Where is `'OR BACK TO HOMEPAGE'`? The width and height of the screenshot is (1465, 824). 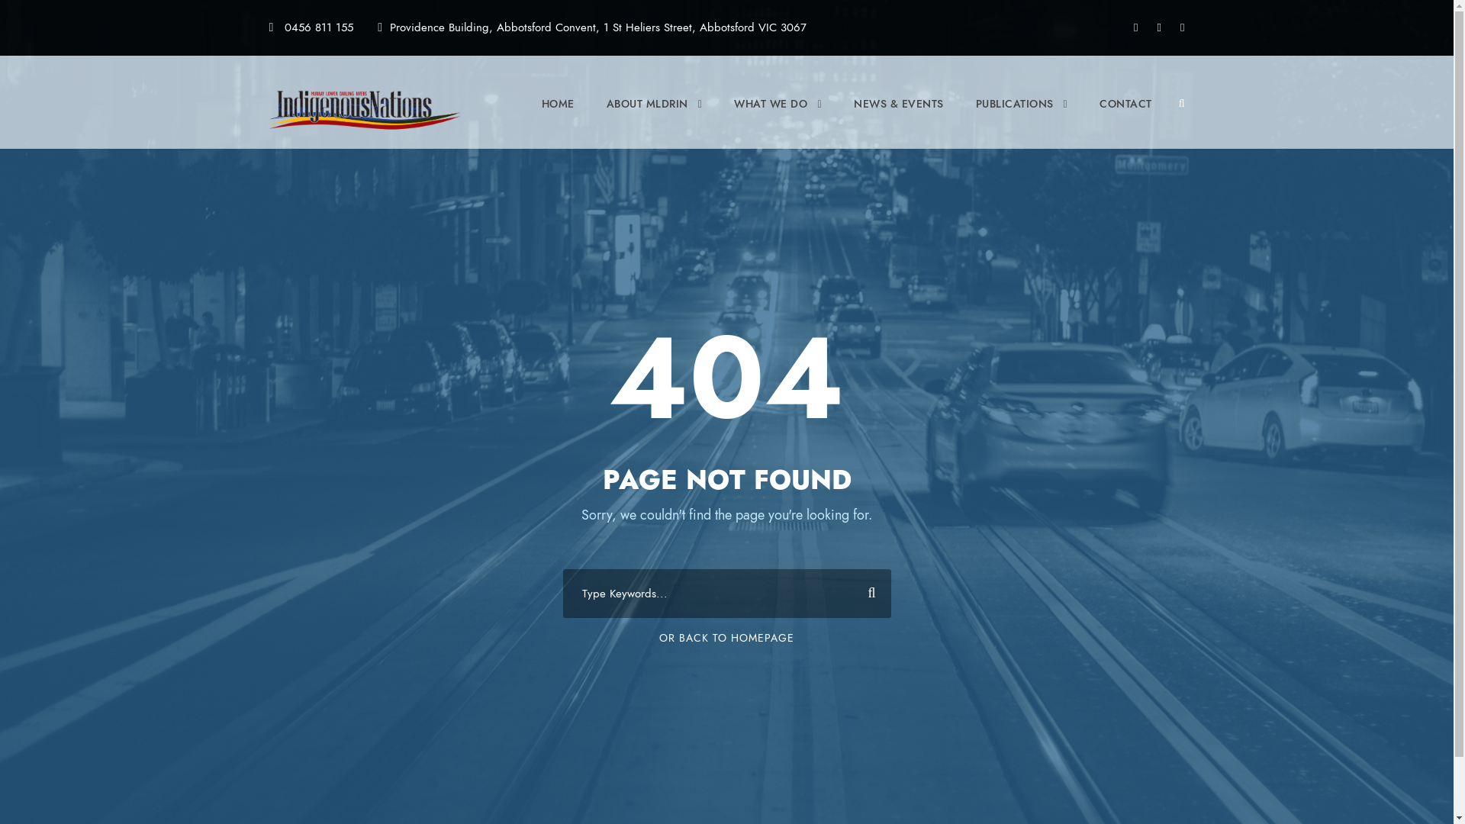 'OR BACK TO HOMEPAGE' is located at coordinates (726, 637).